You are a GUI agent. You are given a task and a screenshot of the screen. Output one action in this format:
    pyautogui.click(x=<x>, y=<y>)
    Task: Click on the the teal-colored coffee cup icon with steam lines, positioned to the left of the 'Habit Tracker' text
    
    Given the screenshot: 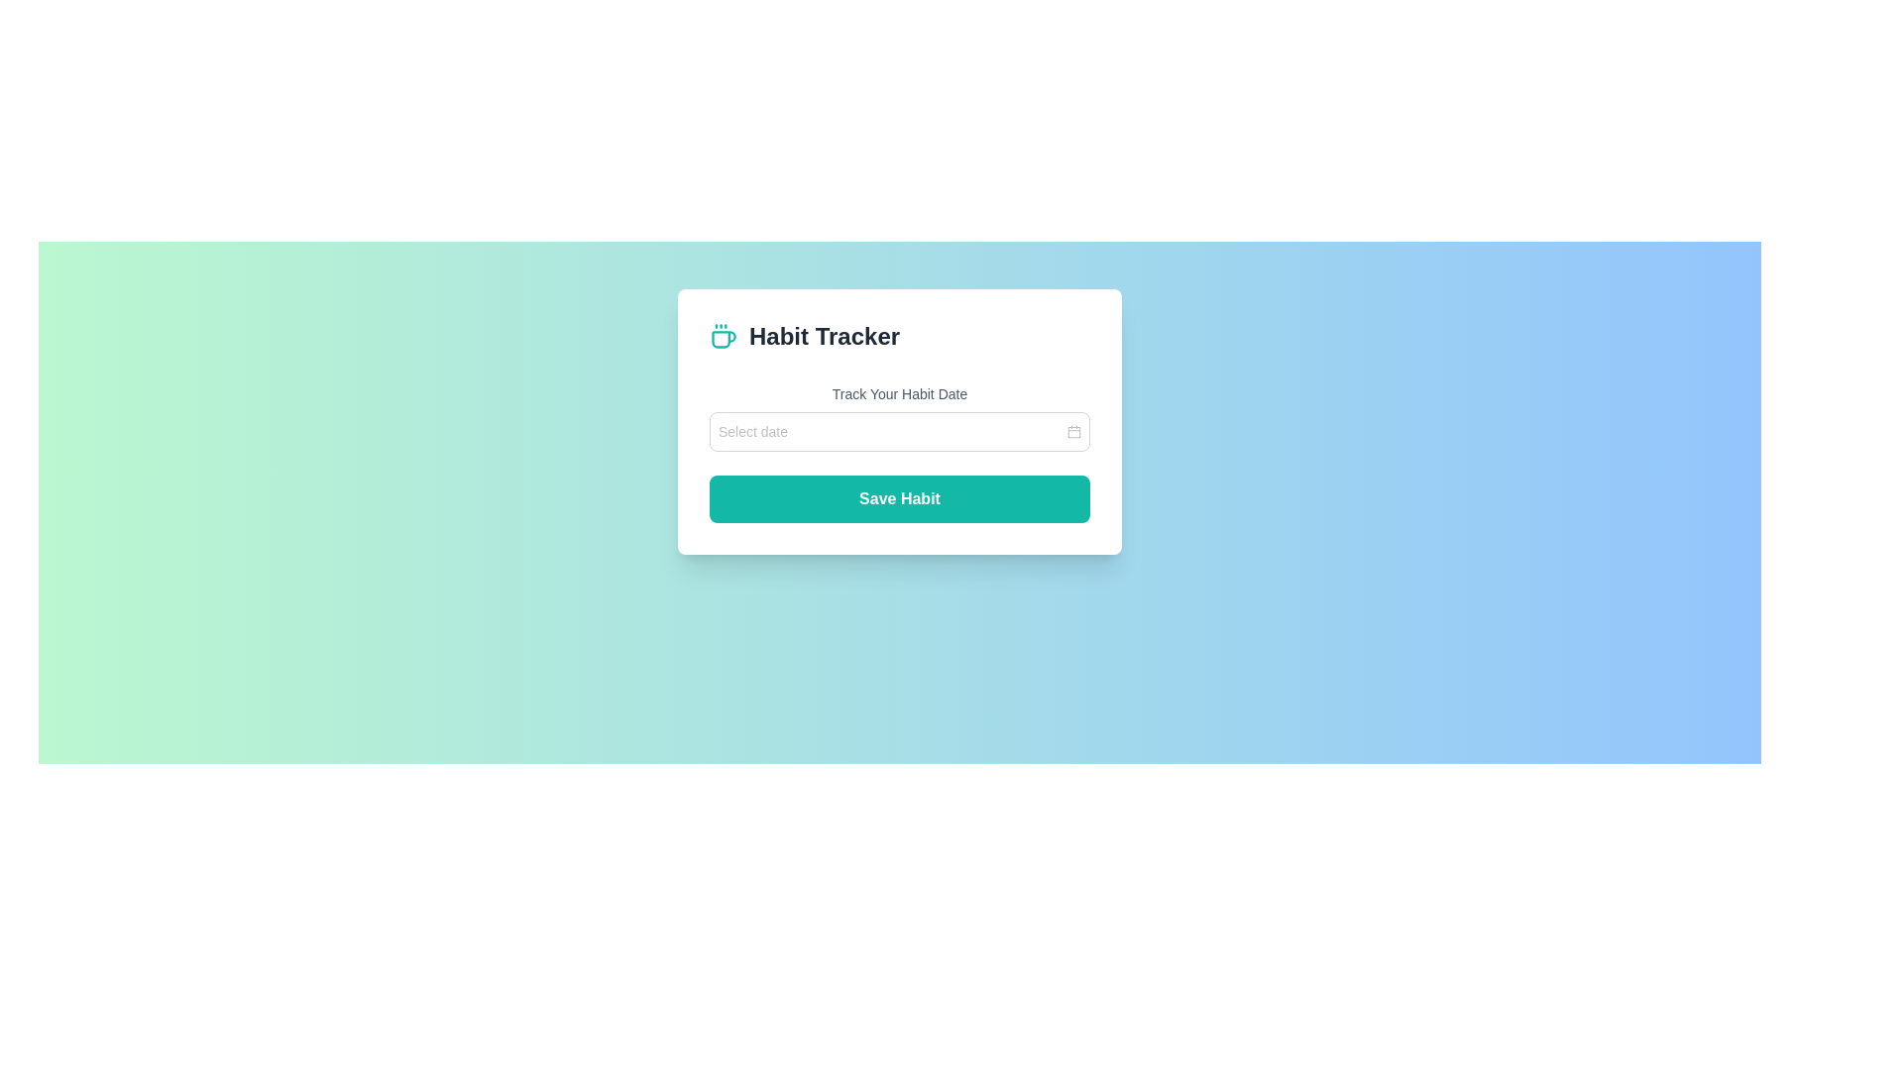 What is the action you would take?
    pyautogui.click(x=722, y=335)
    